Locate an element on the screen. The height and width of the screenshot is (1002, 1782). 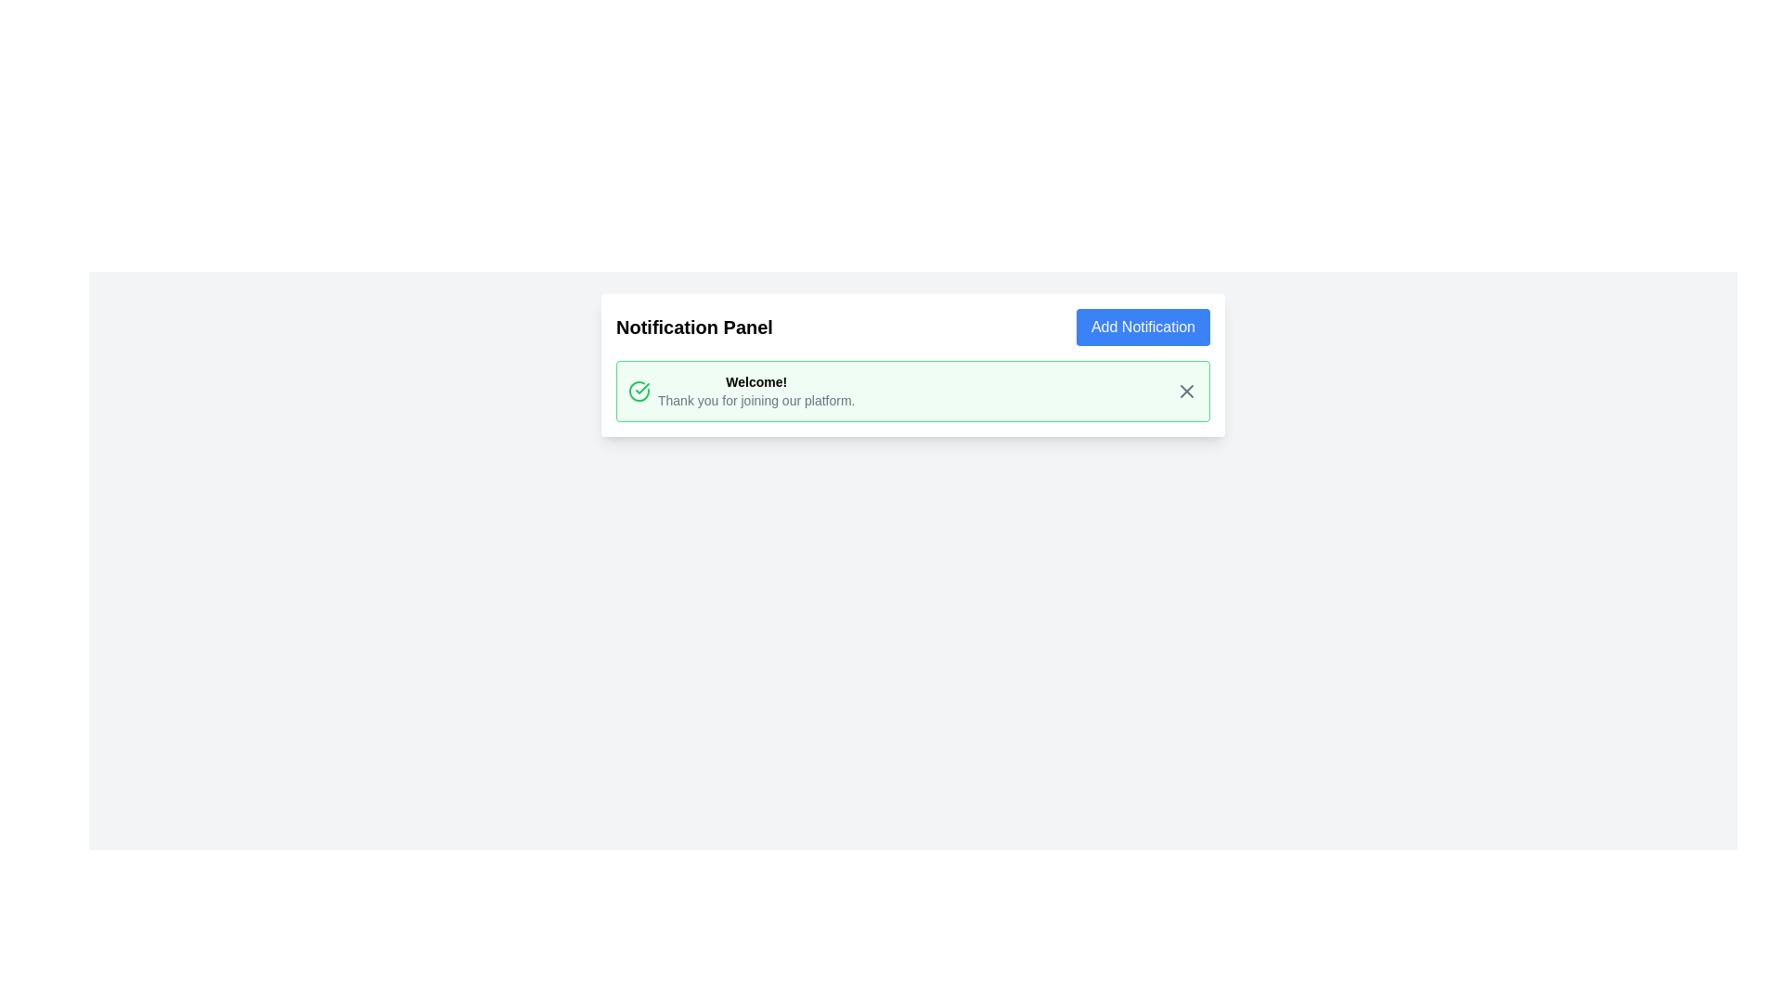
the close button located in the top-right corner of the notification box with a green border to change its color is located at coordinates (1185, 390).